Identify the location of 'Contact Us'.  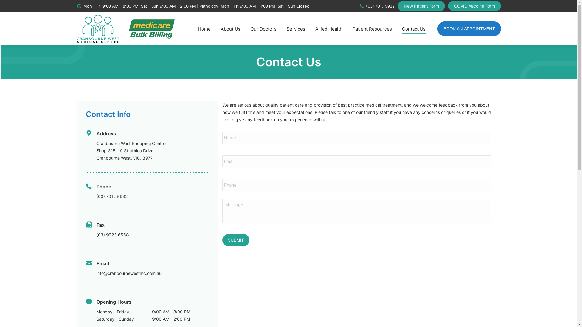
(413, 29).